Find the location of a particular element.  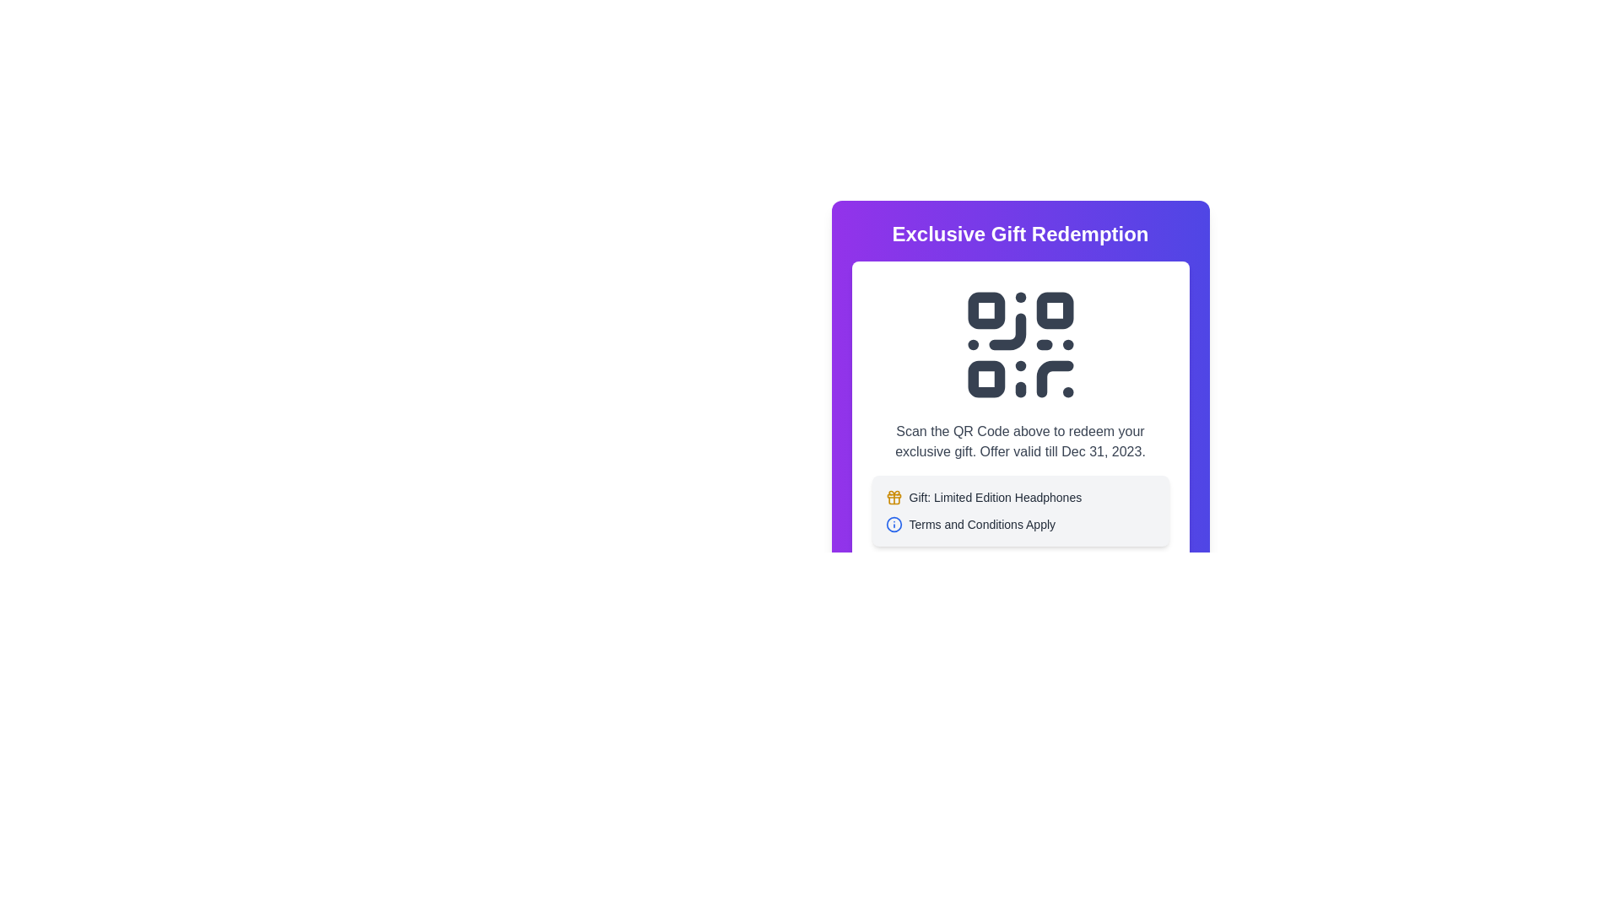

the text line 'Gift: Limited Edition Headphones' and its adjacent components, which includes a yellow gift icon to the left of the text is located at coordinates (1019, 497).